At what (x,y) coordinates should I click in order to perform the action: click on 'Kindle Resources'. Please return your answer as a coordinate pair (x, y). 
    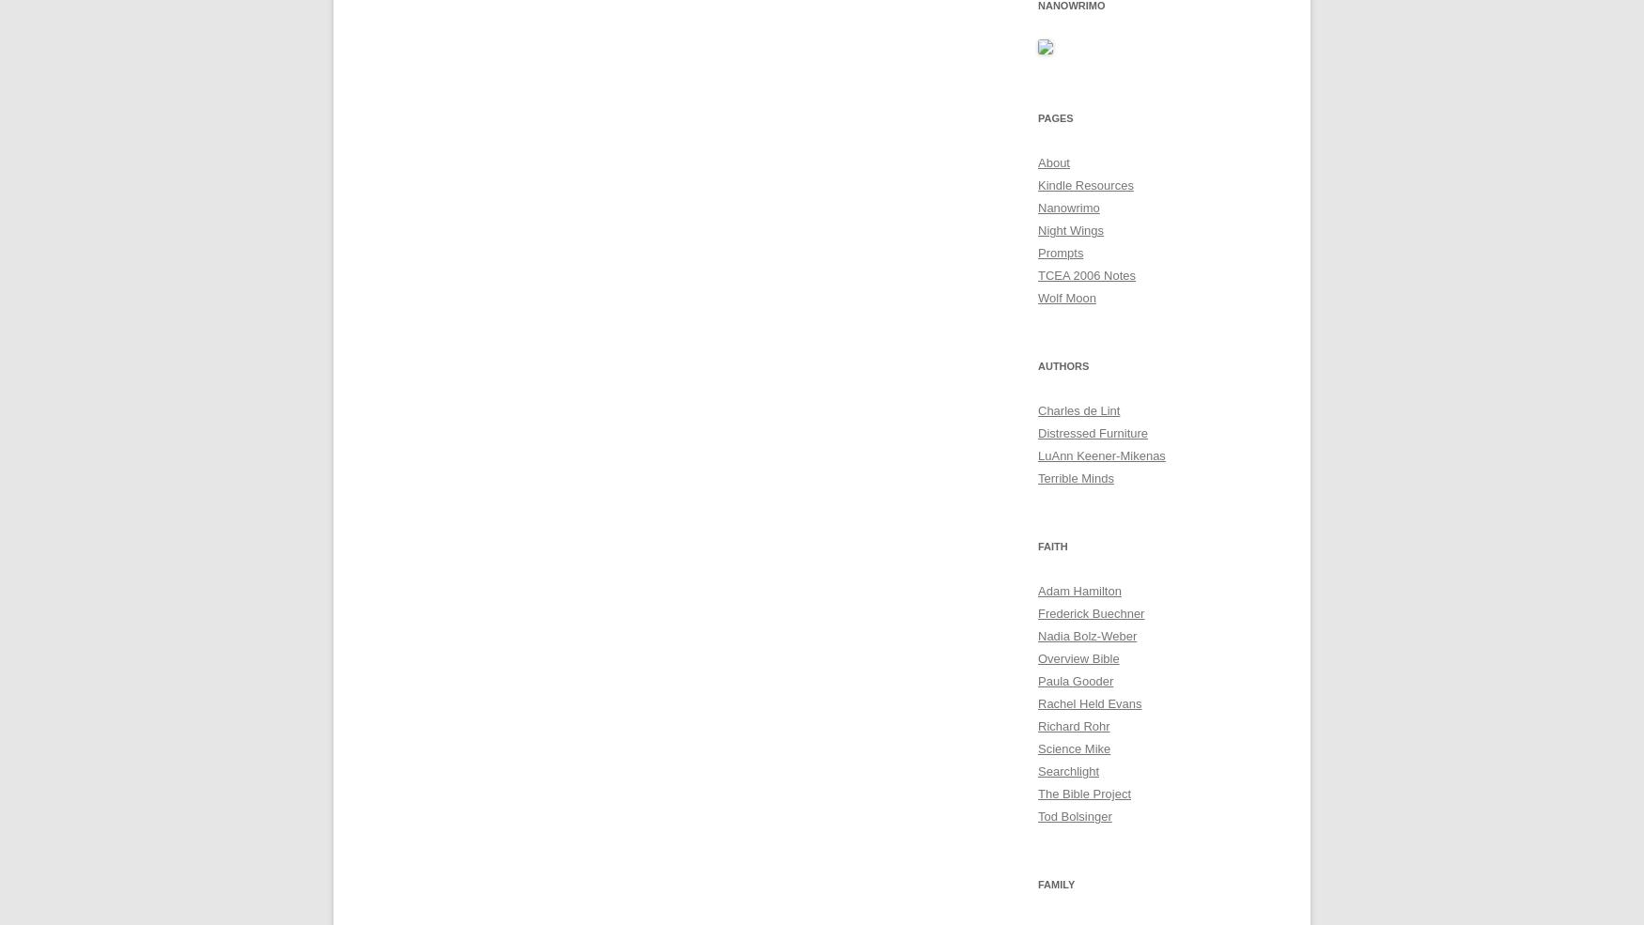
    Looking at the image, I should click on (1084, 185).